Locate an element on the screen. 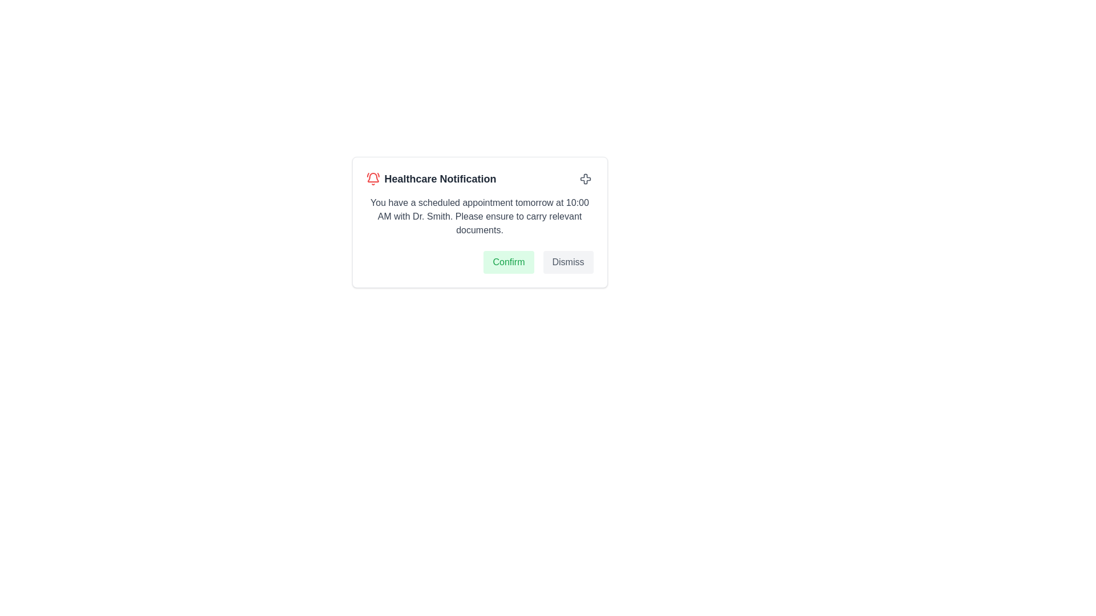 The image size is (1096, 616). the leftmost button in the group of two buttons at the bottom of the healthcare notification dialog box to confirm the action is located at coordinates (508, 262).